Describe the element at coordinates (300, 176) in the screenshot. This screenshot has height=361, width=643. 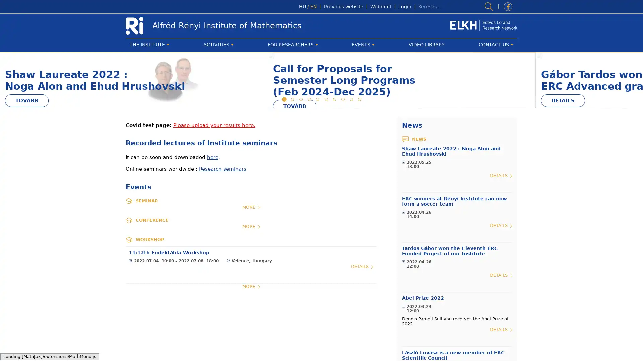
I see `3` at that location.